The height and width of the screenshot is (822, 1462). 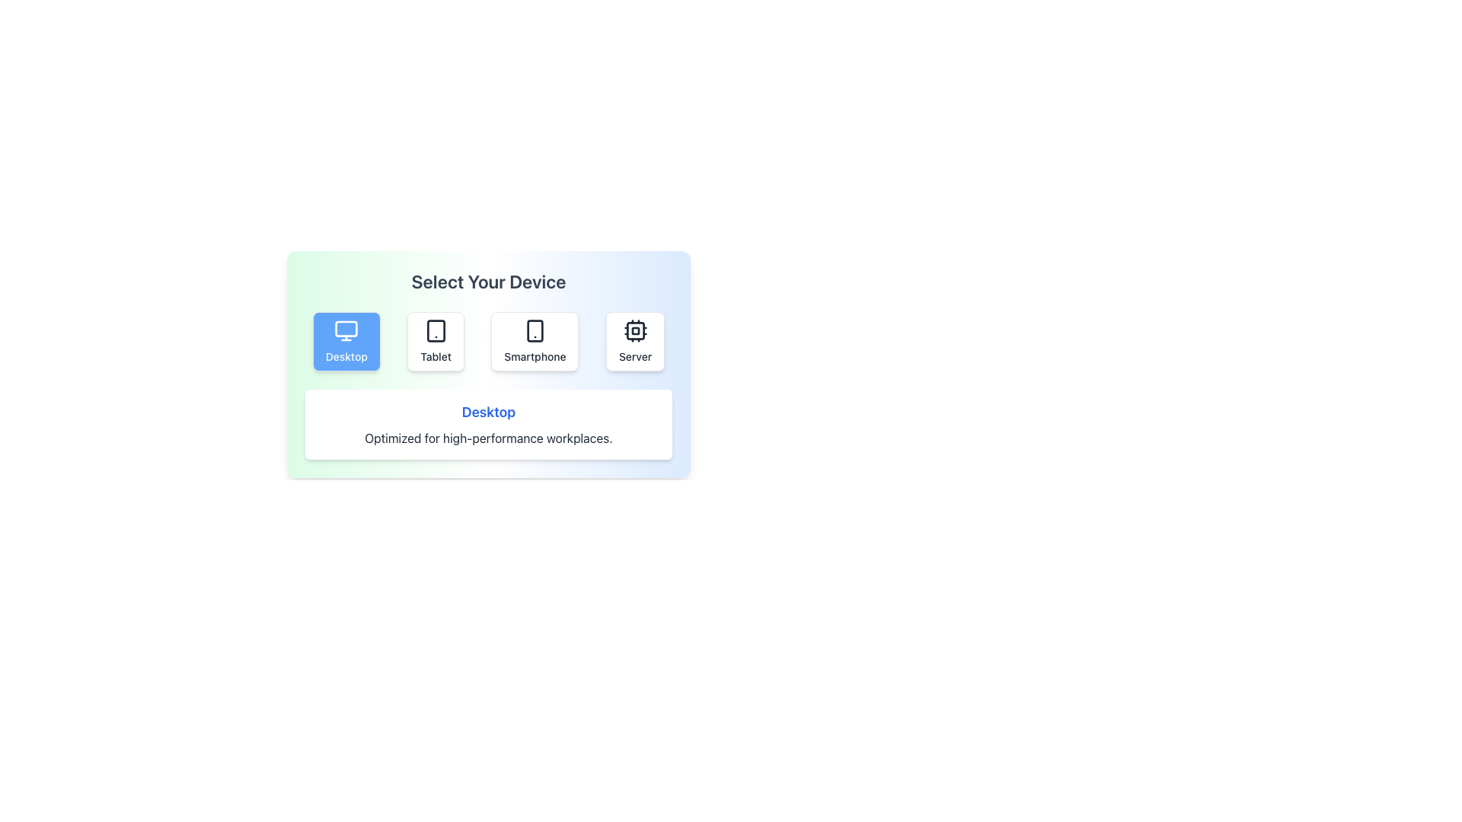 What do you see at coordinates (346, 357) in the screenshot?
I see `text from the label located within the bottom section of the rounded rectangular button representing the 'Desktop' device type` at bounding box center [346, 357].